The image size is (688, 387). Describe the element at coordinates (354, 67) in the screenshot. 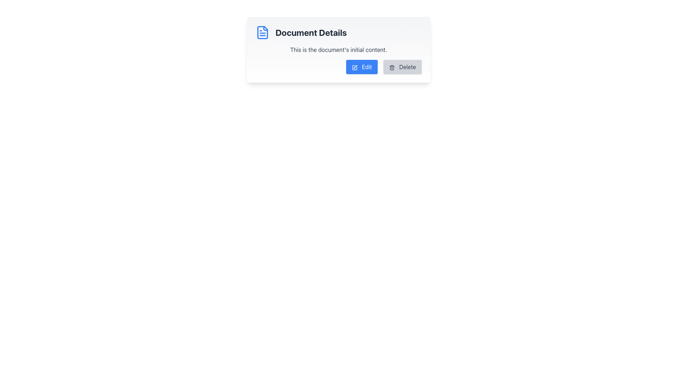

I see `the icon part of the 'Edit' button, which resembles a square shape with a pen-like feature, positioned to the left of the text 'Edit'` at that location.